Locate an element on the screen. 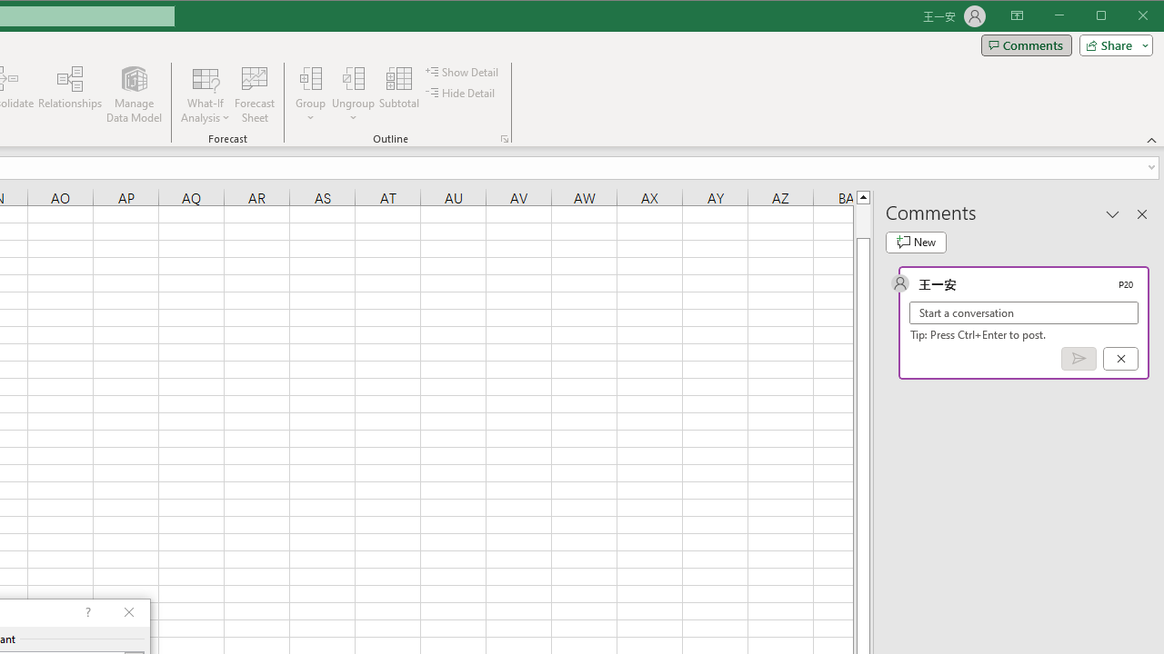  'Task Pane Options' is located at coordinates (1112, 213).